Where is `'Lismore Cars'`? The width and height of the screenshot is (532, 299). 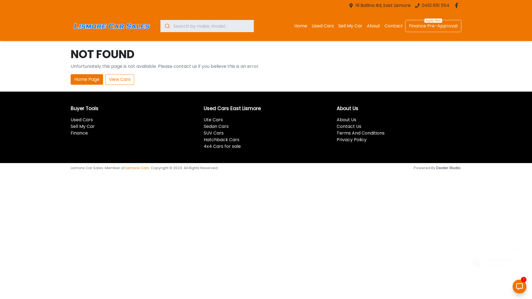 'Lismore Cars' is located at coordinates (137, 167).